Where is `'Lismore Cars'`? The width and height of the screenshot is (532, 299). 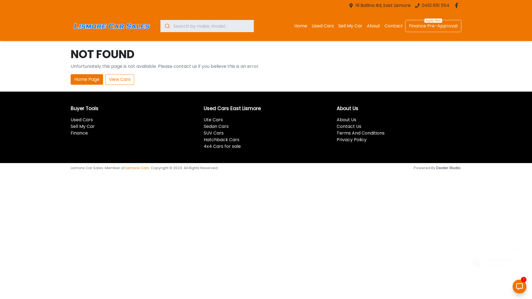 'Lismore Cars' is located at coordinates (137, 167).